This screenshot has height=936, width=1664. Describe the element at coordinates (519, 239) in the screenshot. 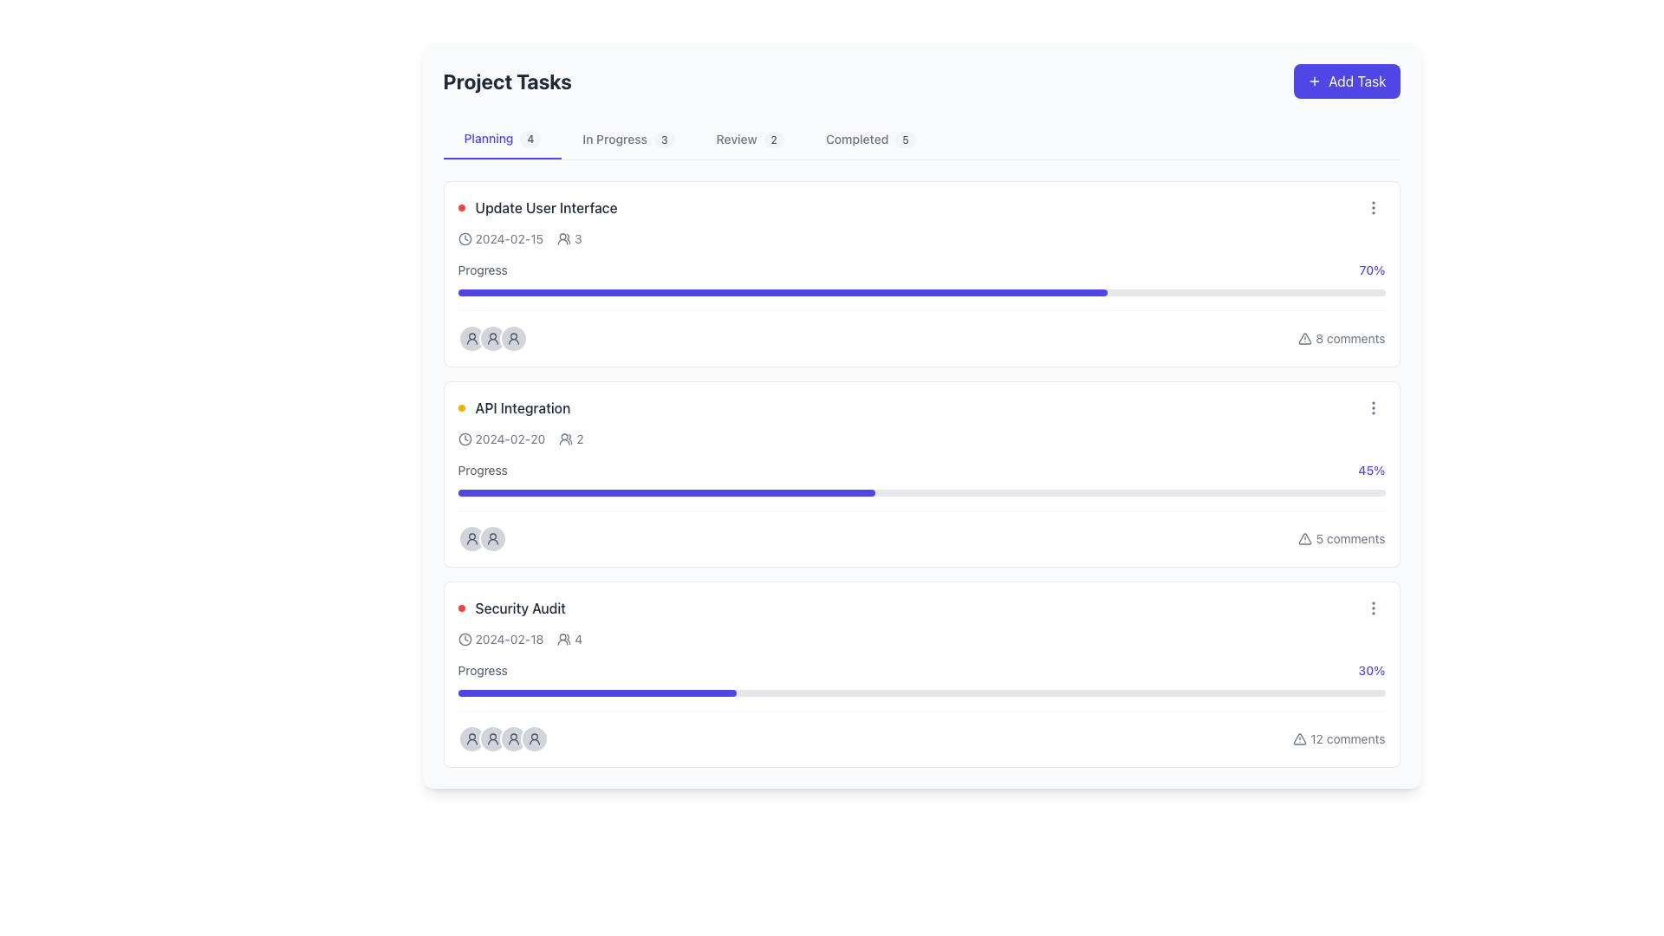

I see `the static text displaying the date '2024-02-15' and participant count '3', which is the first subcomponent of the 'Update User Interface' card in the 'Planning' section of the 'Project Tasks' layout` at that location.